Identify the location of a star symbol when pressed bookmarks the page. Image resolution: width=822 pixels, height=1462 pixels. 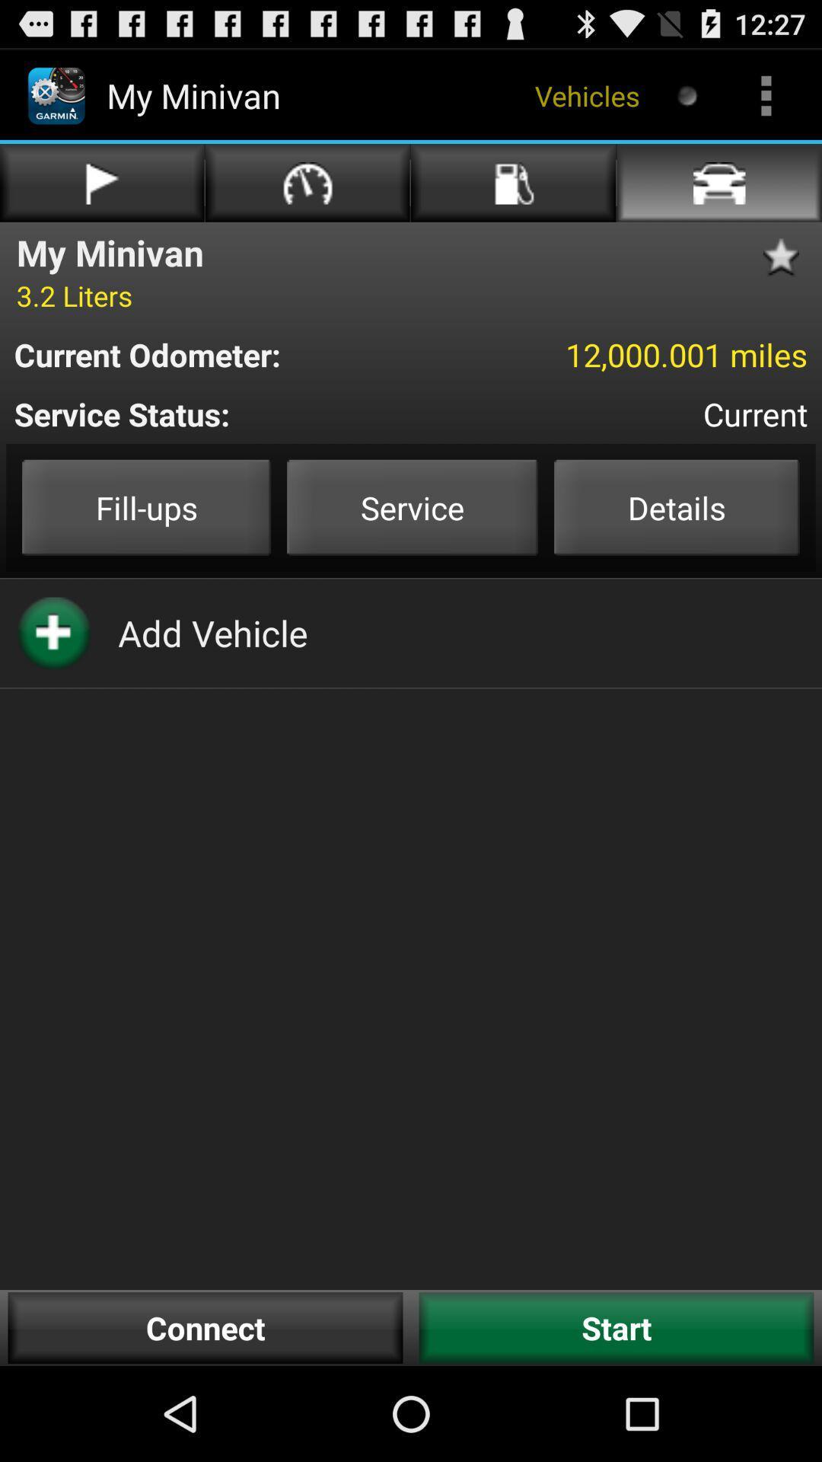
(786, 257).